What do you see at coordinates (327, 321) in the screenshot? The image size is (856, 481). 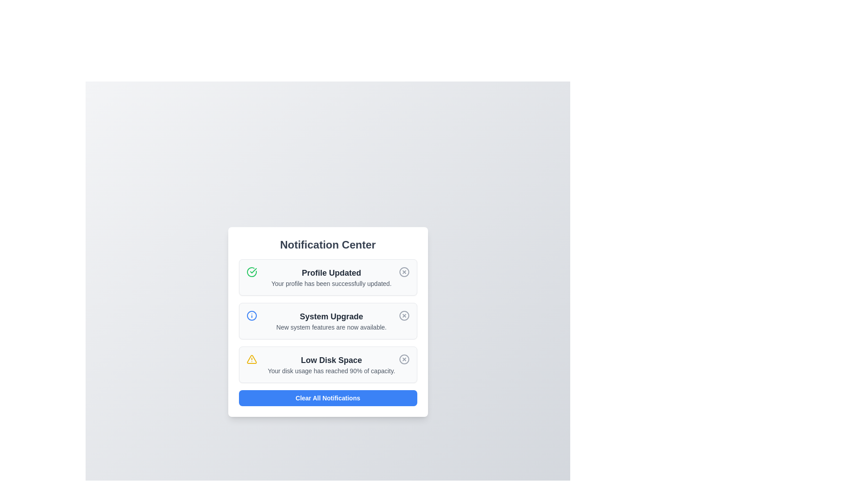 I see `the notification titled 'System Upgrade' that displays the message 'New system features are now available.' This notification is the second in a vertical stack within the 'Notification Center'` at bounding box center [327, 321].